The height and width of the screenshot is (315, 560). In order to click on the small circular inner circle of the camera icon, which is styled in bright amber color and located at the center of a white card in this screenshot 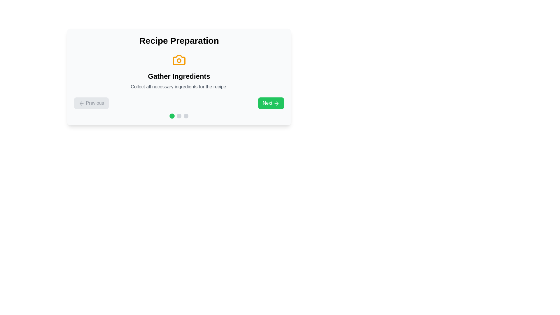, I will do `click(179, 61)`.